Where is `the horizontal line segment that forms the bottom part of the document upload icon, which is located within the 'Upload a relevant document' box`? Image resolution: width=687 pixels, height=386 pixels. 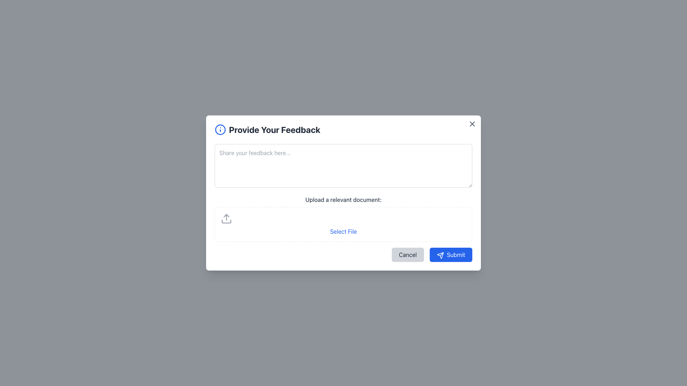 the horizontal line segment that forms the bottom part of the document upload icon, which is located within the 'Upload a relevant document' box is located at coordinates (226, 221).